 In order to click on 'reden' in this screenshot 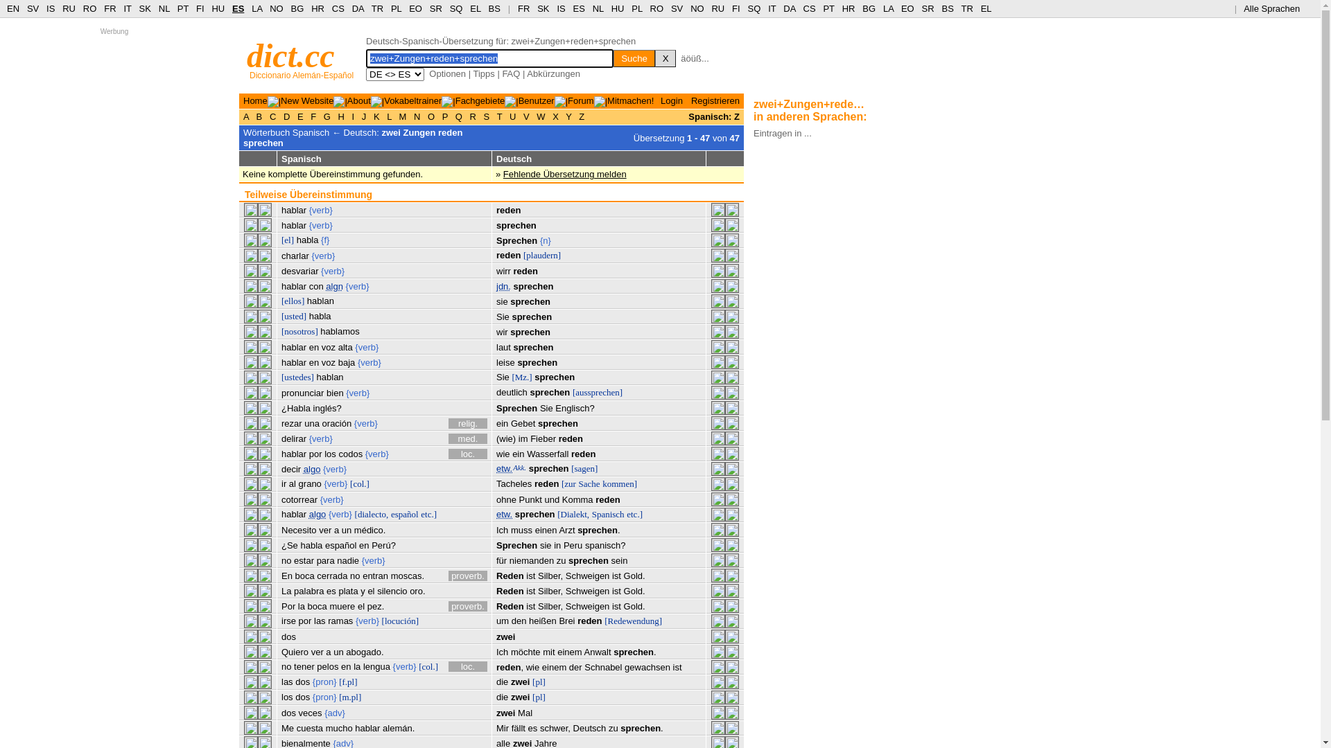, I will do `click(507, 210)`.